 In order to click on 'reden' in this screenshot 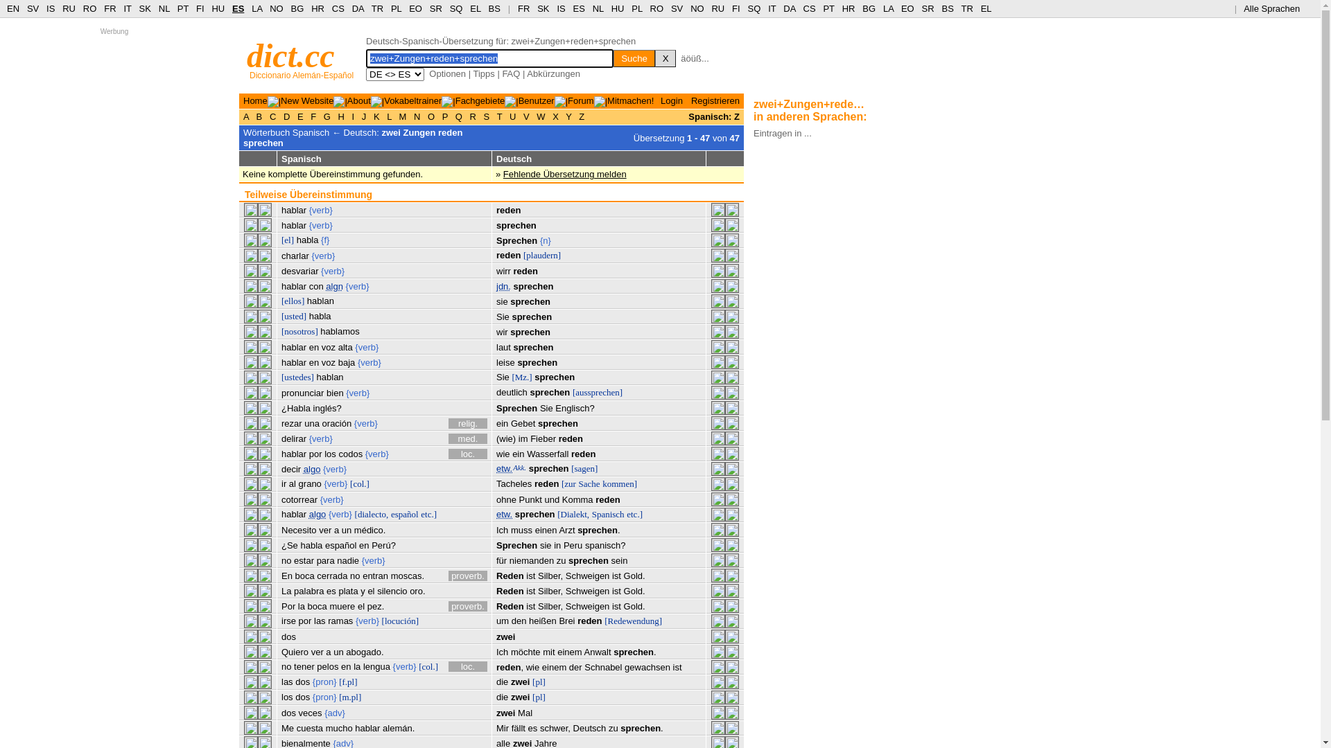, I will do `click(507, 210)`.